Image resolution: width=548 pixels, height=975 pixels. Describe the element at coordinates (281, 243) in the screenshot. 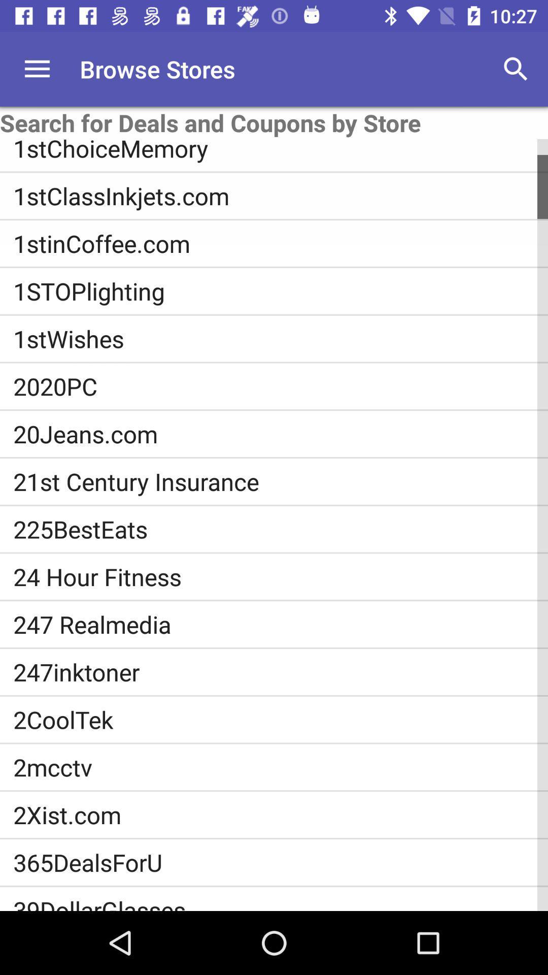

I see `icon below 1stclassinkjets.com item` at that location.